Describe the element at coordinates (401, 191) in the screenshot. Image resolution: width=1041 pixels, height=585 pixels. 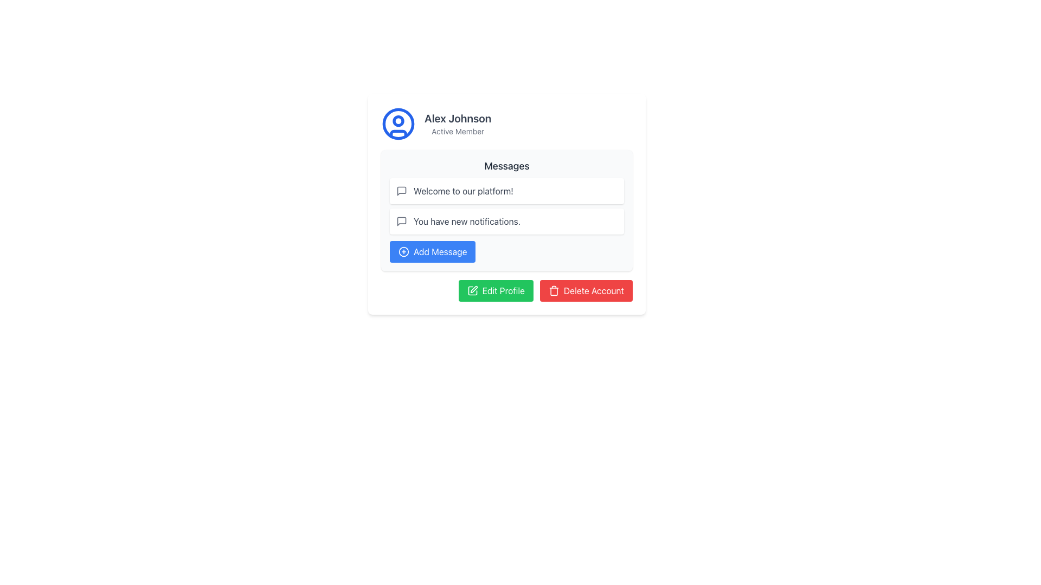
I see `the icon indicating the message or comments feature, positioned to the left of the message text 'Welcome to our platform!'` at that location.